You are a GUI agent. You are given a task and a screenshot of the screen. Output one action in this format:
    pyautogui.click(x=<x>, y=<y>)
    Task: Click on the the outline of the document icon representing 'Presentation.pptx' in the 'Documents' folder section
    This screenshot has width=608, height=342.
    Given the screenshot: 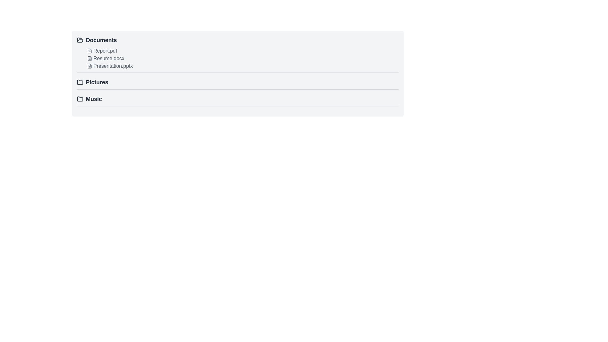 What is the action you would take?
    pyautogui.click(x=89, y=66)
    